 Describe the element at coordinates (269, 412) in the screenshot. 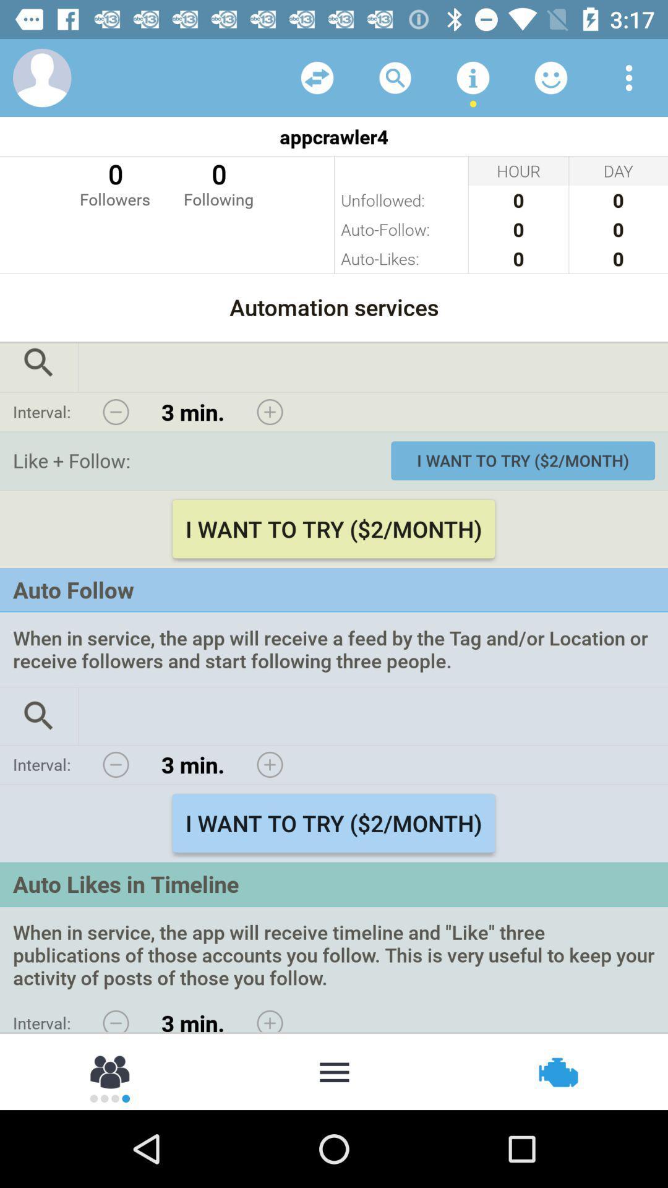

I see `increase interval` at that location.